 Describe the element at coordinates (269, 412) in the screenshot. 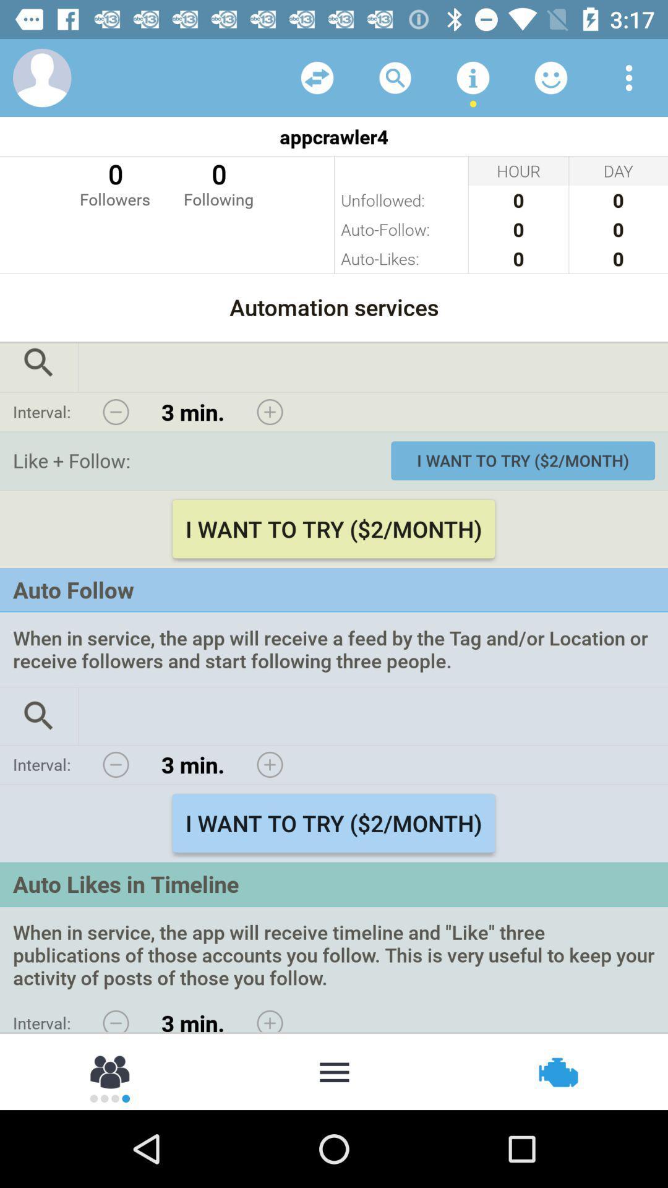

I see `increase interval` at that location.